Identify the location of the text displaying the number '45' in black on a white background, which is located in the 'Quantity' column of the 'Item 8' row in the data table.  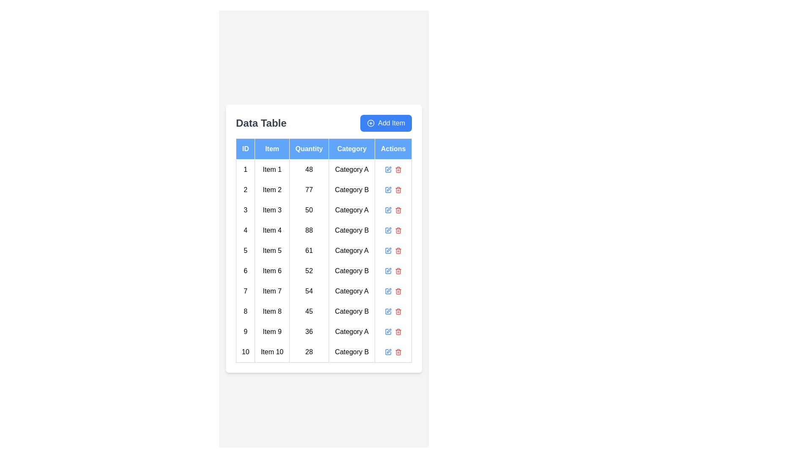
(308, 311).